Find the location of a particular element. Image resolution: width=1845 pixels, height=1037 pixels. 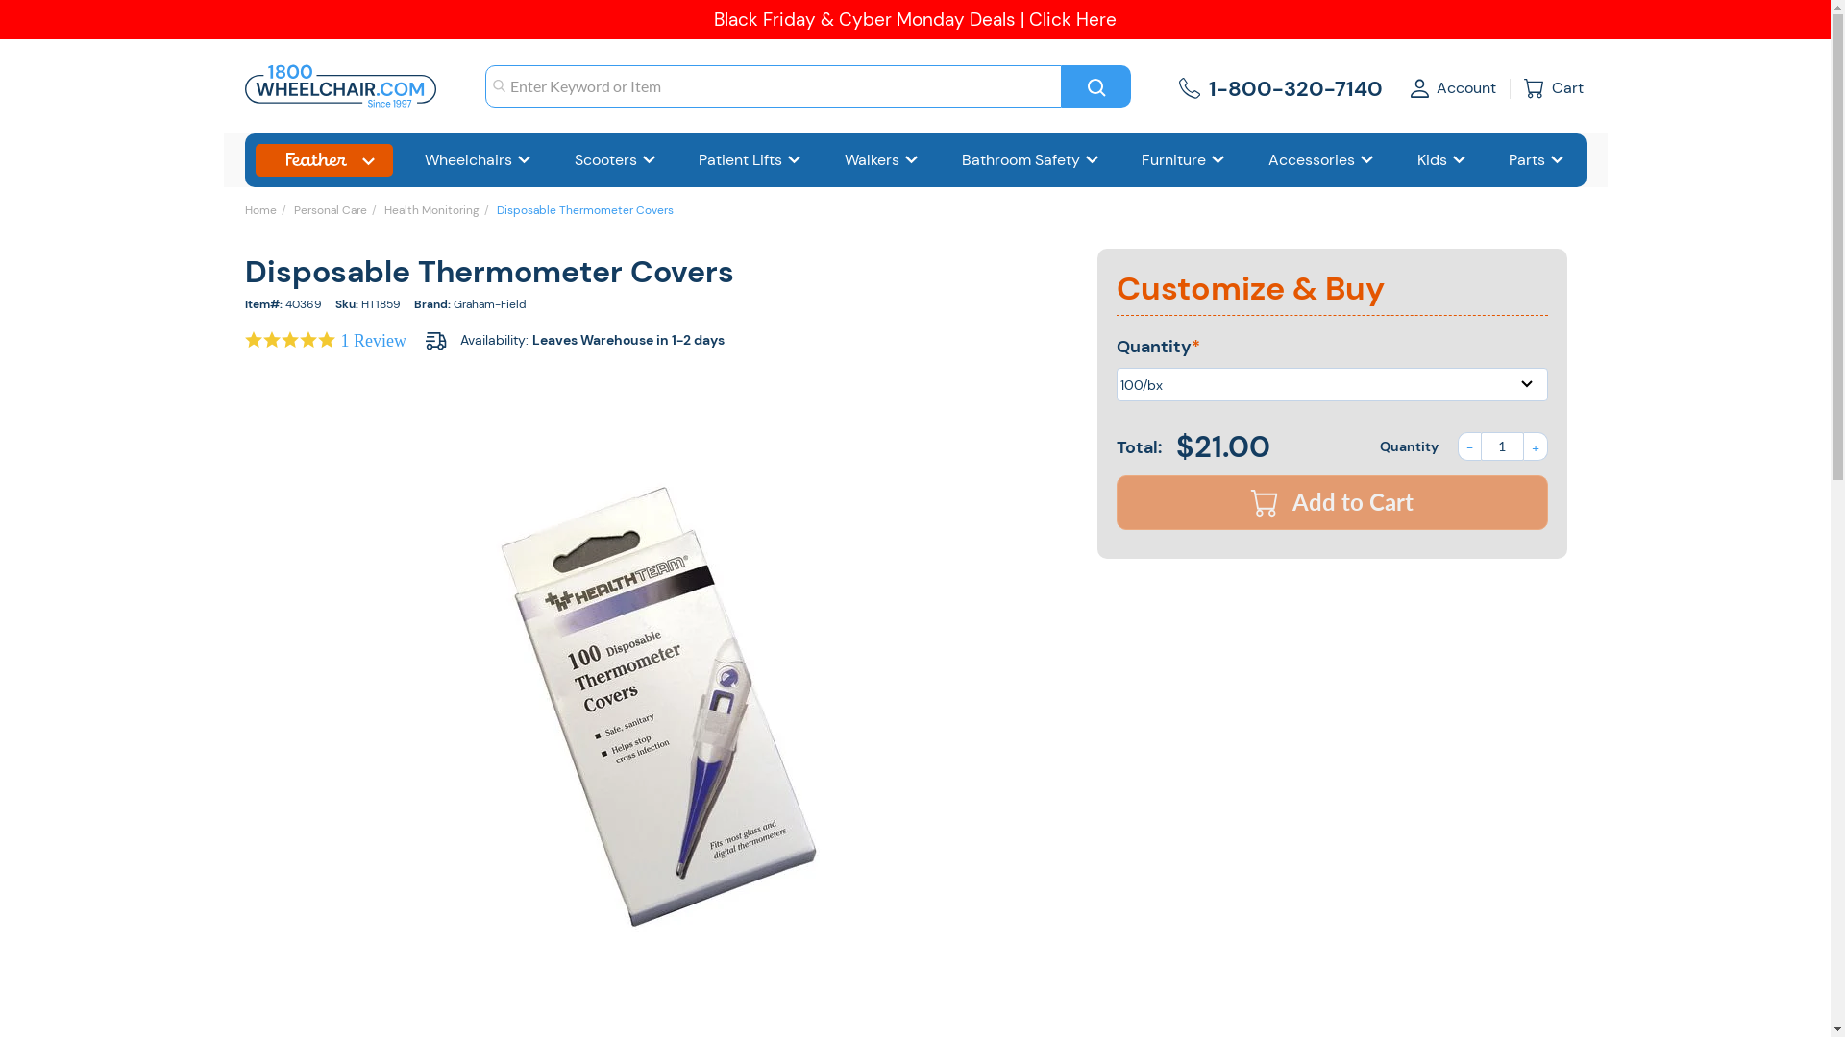

'Search' is located at coordinates (1095, 84).